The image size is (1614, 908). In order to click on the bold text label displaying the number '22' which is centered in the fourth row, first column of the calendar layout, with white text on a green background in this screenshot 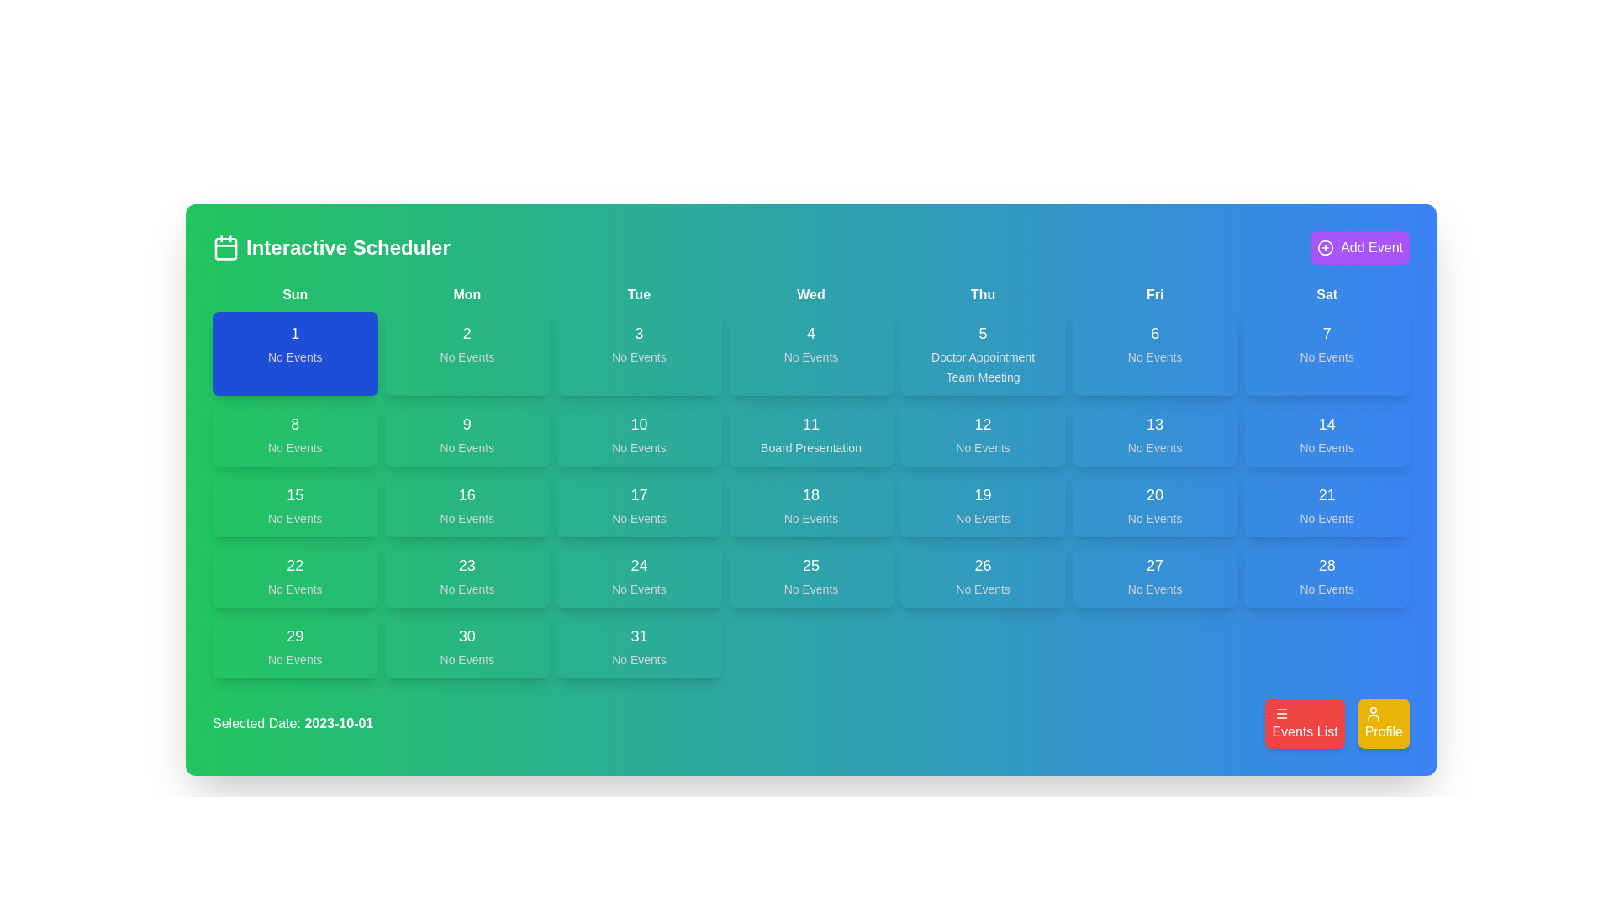, I will do `click(295, 565)`.